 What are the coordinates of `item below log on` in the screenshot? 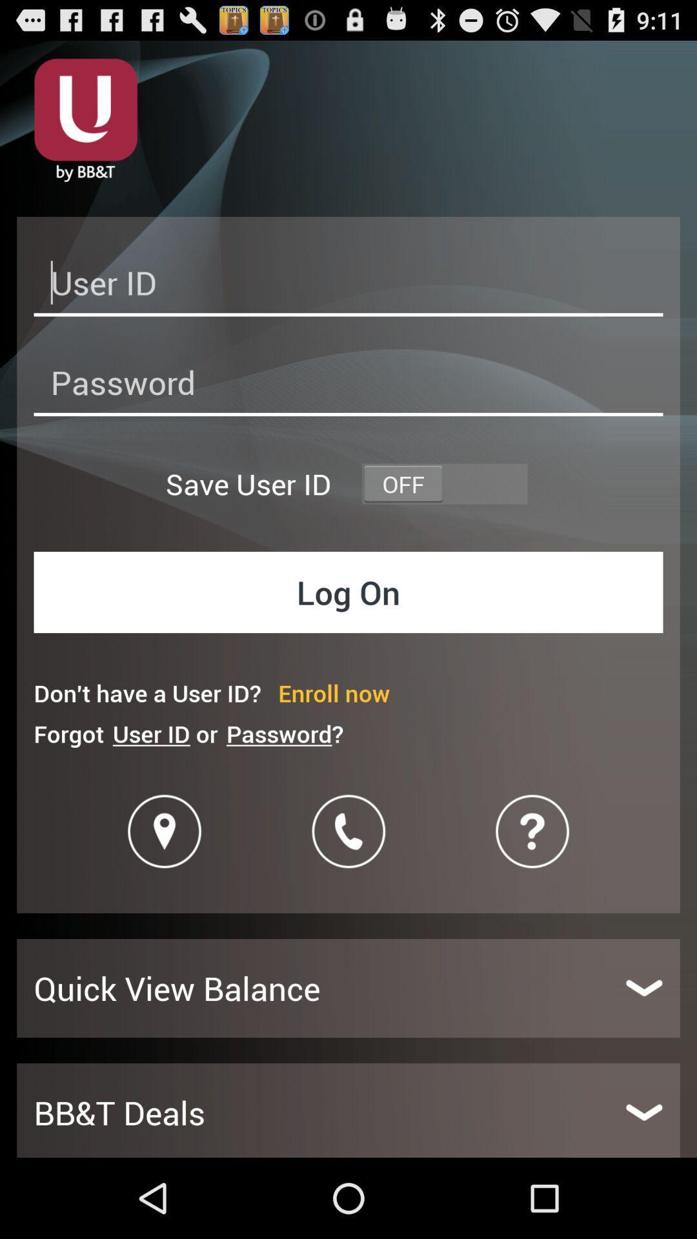 It's located at (333, 692).